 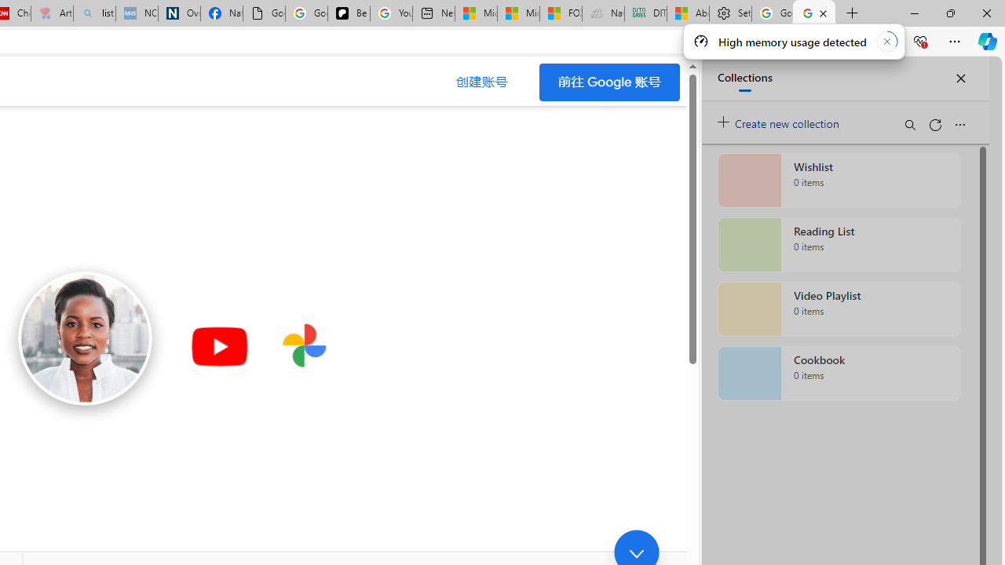 I want to click on 'FOX News - MSN', so click(x=561, y=13).